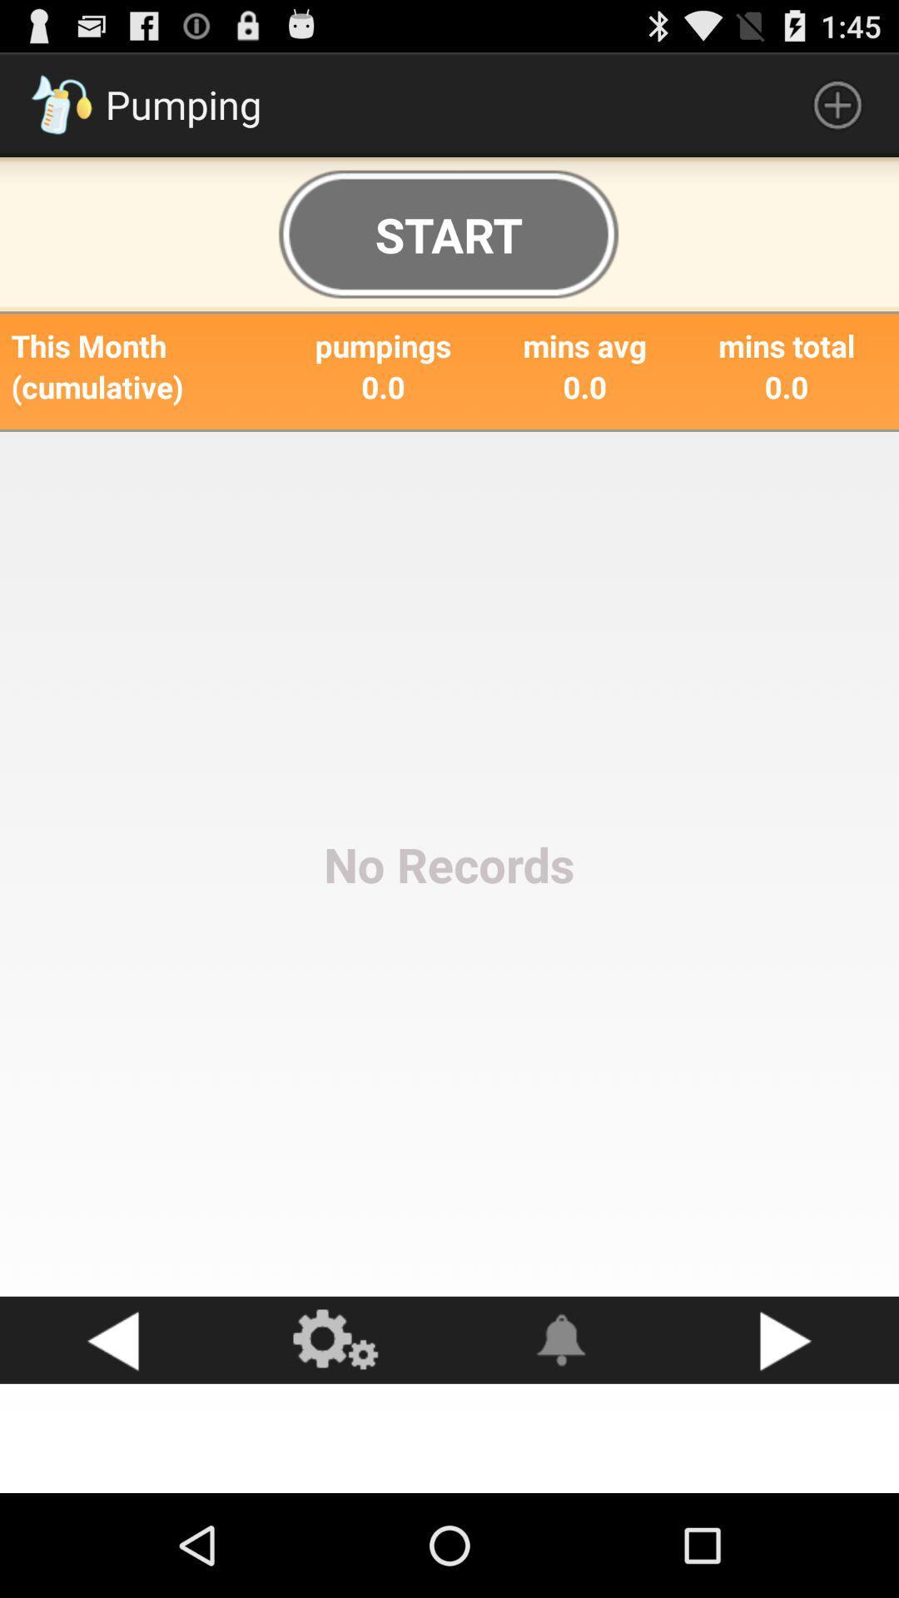  What do you see at coordinates (112, 1340) in the screenshot?
I see `previous month` at bounding box center [112, 1340].